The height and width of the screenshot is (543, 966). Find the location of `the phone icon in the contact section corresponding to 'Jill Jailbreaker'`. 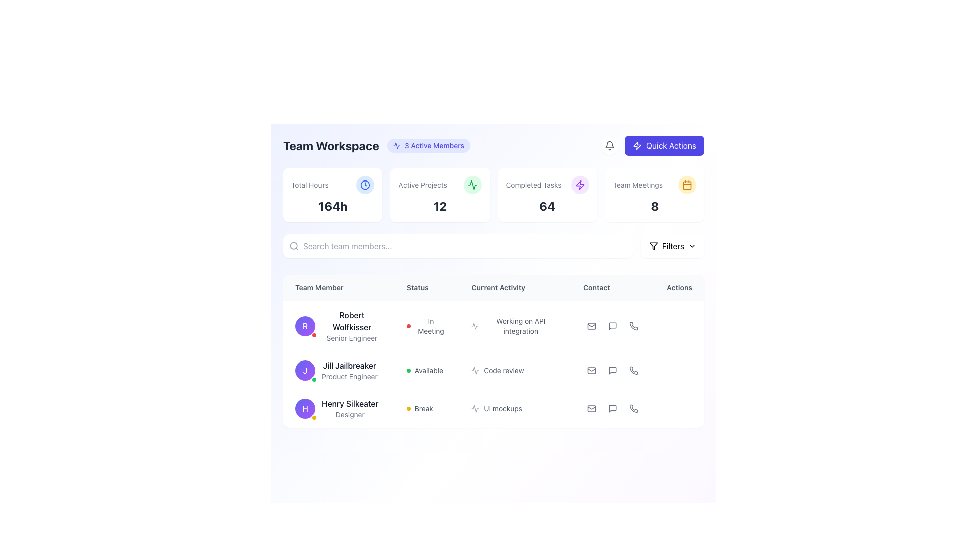

the phone icon in the contact section corresponding to 'Jill Jailbreaker' is located at coordinates (633, 370).